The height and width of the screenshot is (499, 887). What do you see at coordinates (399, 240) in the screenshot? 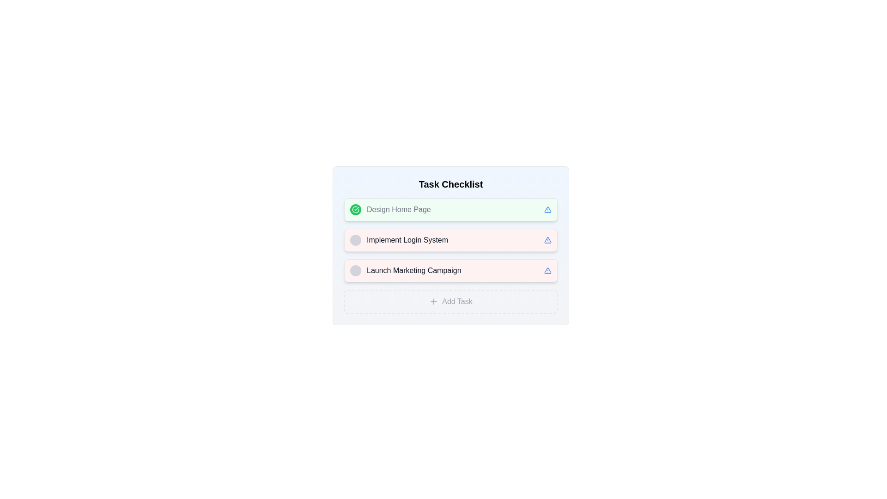
I see `the 'Implement Login System' task item in the checklist` at bounding box center [399, 240].